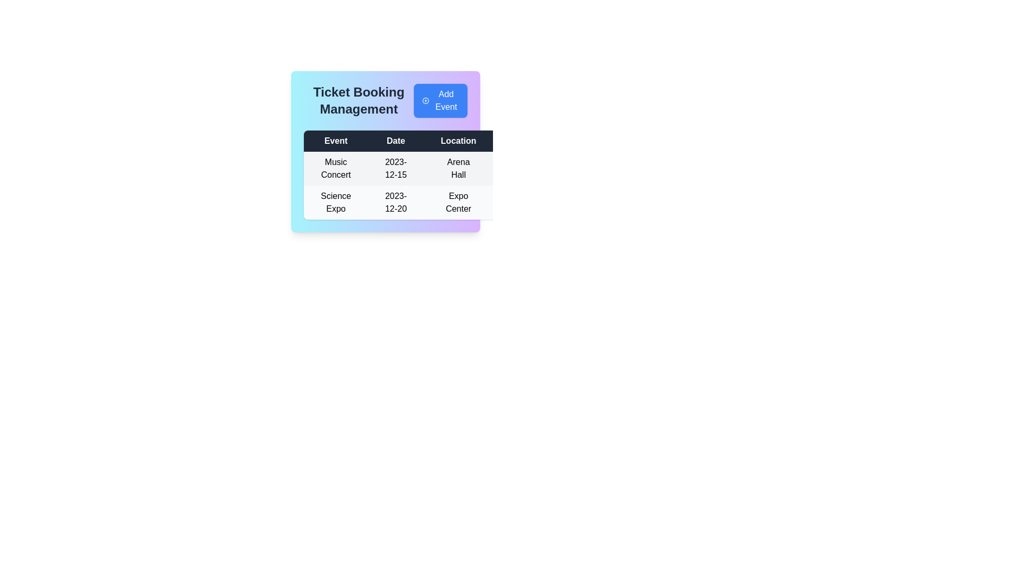 This screenshot has height=573, width=1020. What do you see at coordinates (479, 168) in the screenshot?
I see `the first table row displaying details about the 'Music Concert' event` at bounding box center [479, 168].